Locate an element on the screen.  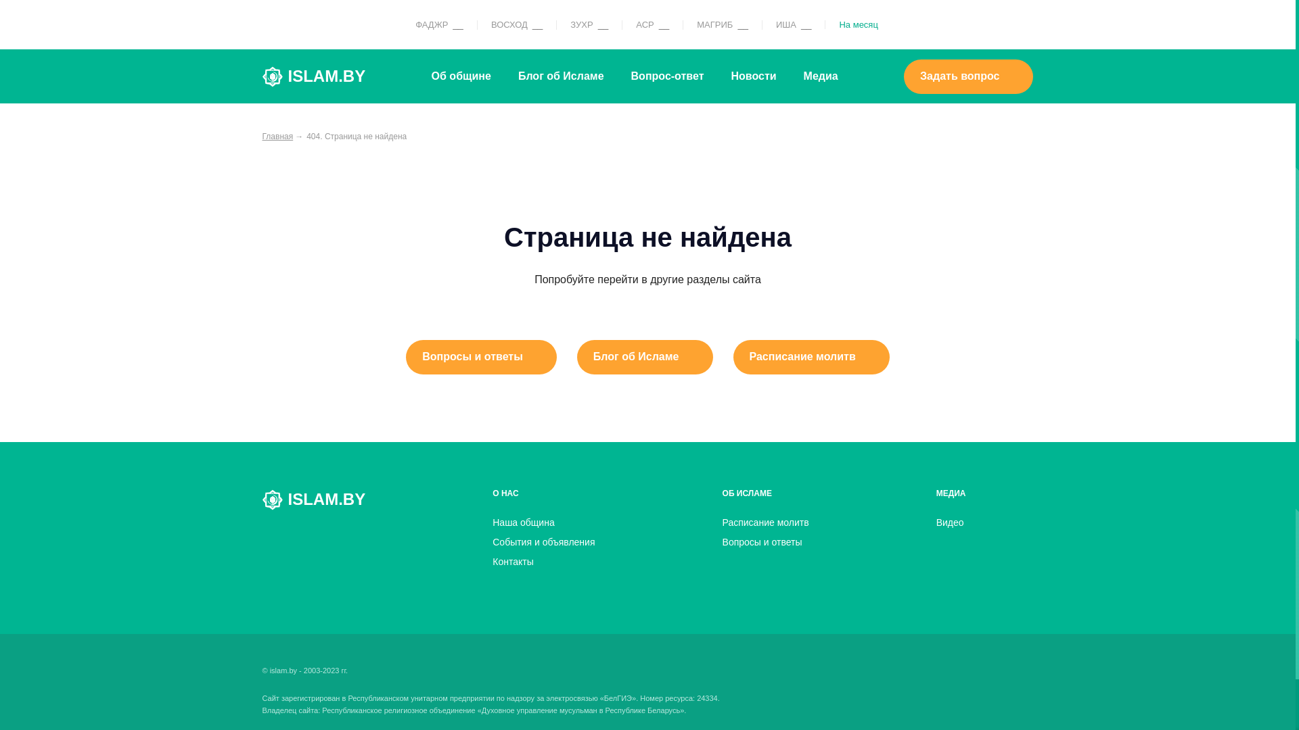
'ISLAM.BY' is located at coordinates (313, 500).